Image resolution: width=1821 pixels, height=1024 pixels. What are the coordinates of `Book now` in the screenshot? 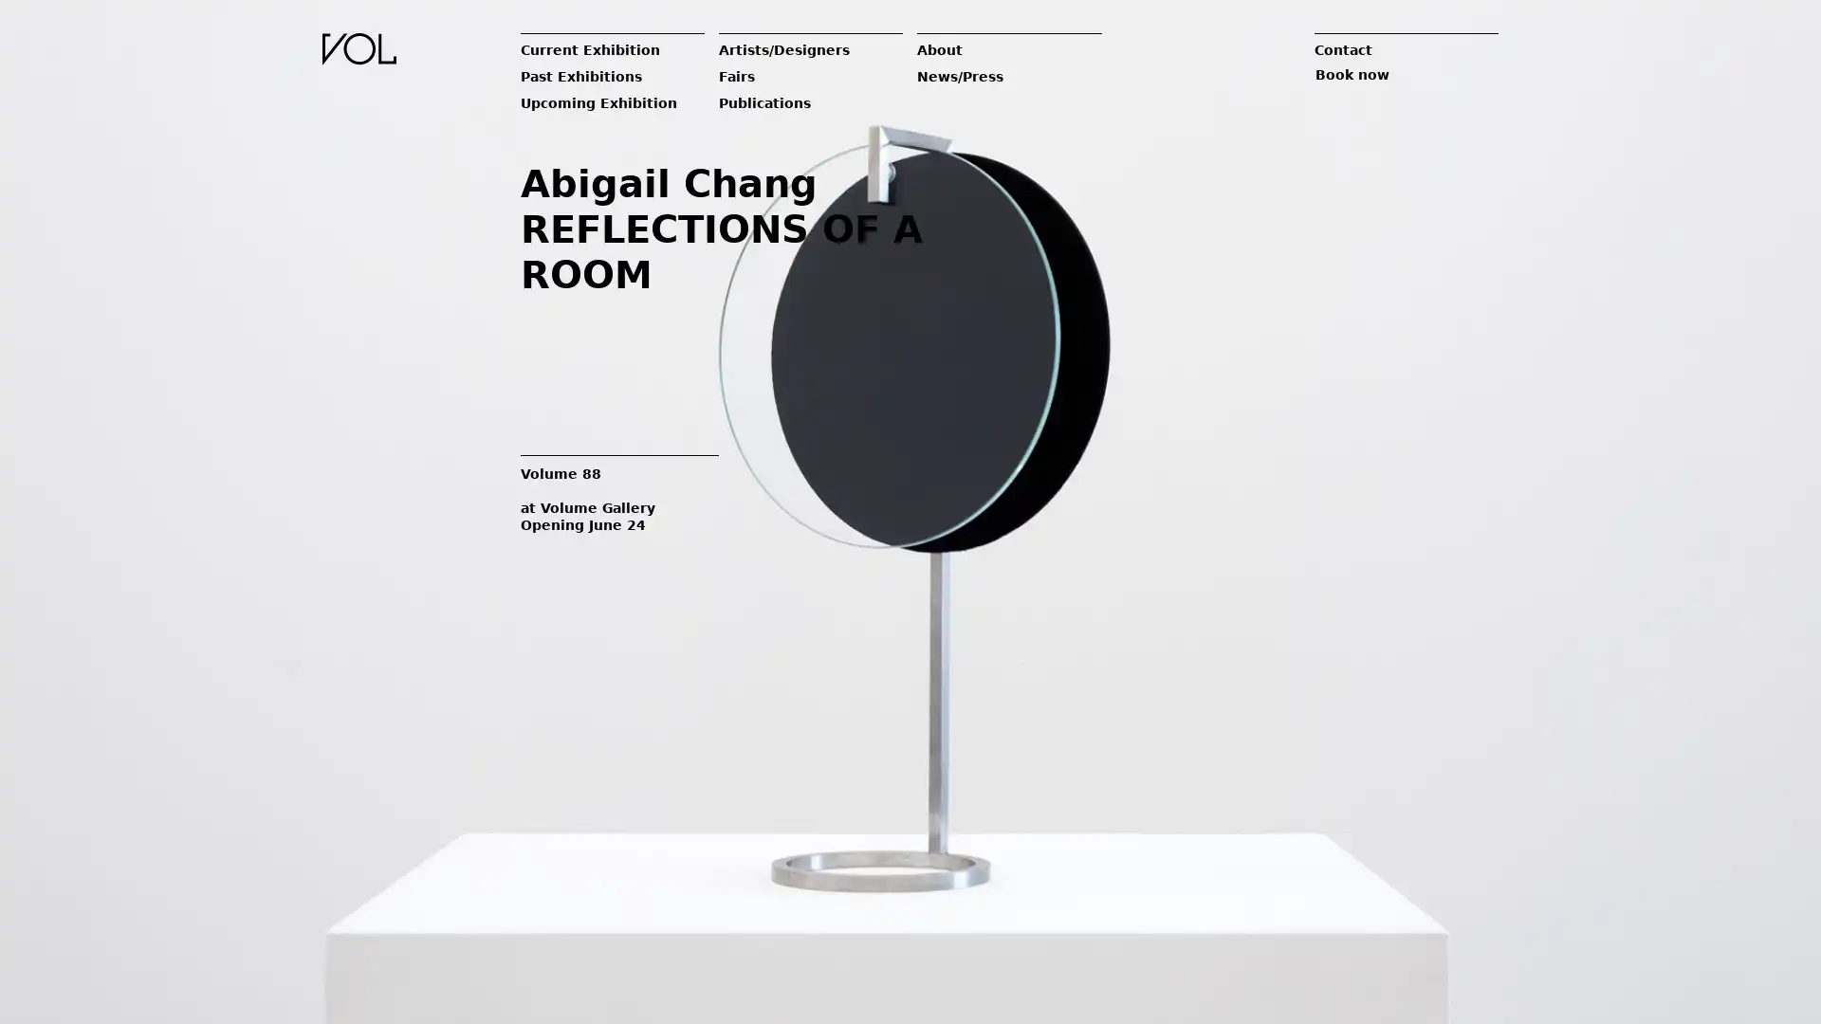 It's located at (1398, 87).